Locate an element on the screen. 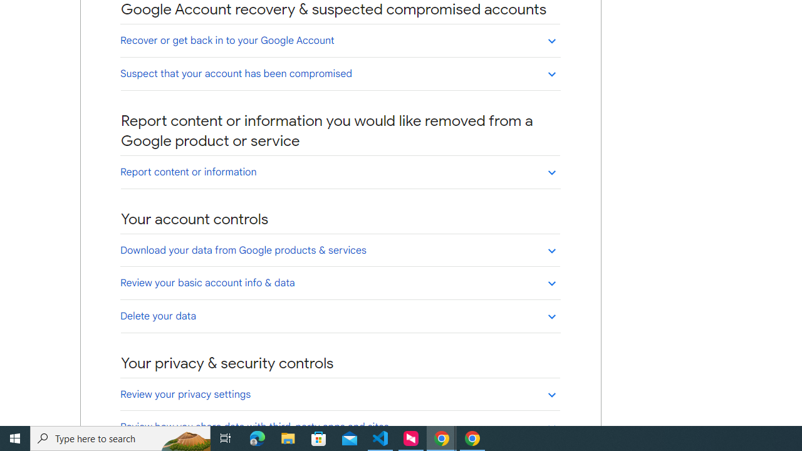  'Review your privacy settings' is located at coordinates (340, 393).